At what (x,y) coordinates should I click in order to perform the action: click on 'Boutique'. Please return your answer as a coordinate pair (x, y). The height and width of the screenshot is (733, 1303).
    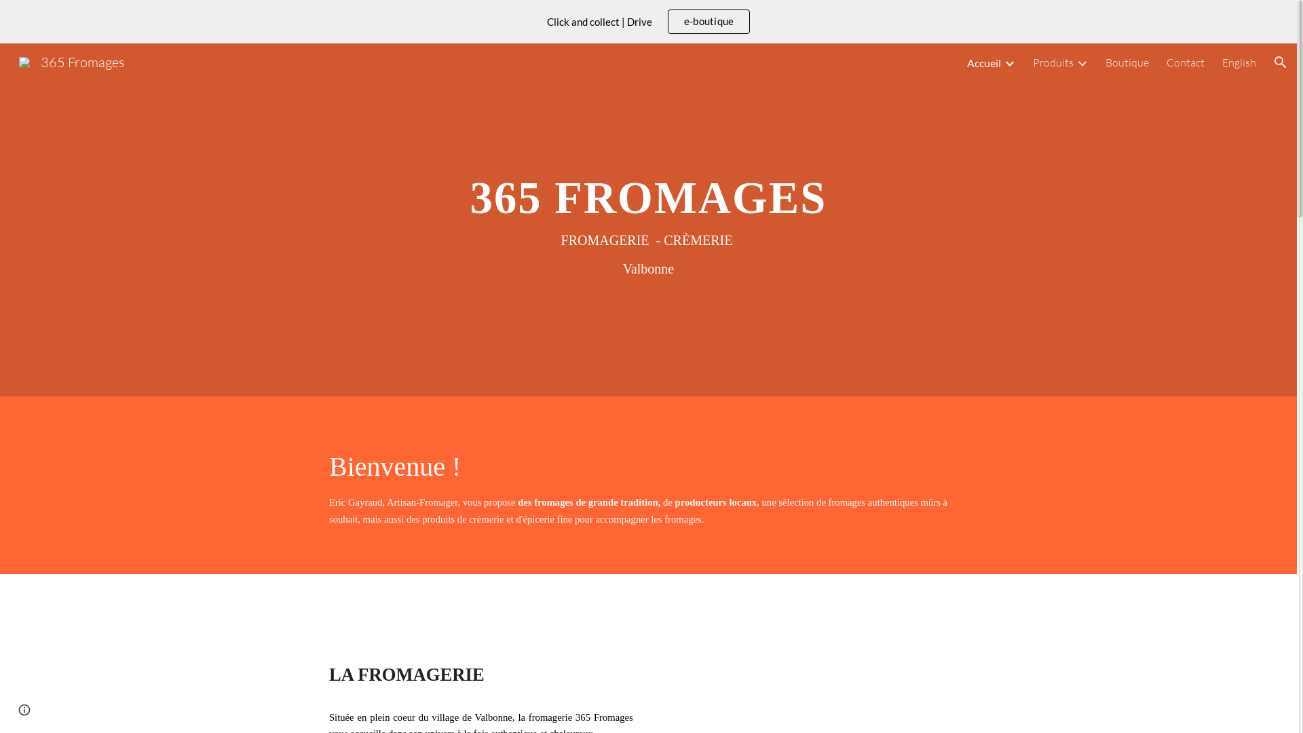
    Looking at the image, I should click on (1127, 62).